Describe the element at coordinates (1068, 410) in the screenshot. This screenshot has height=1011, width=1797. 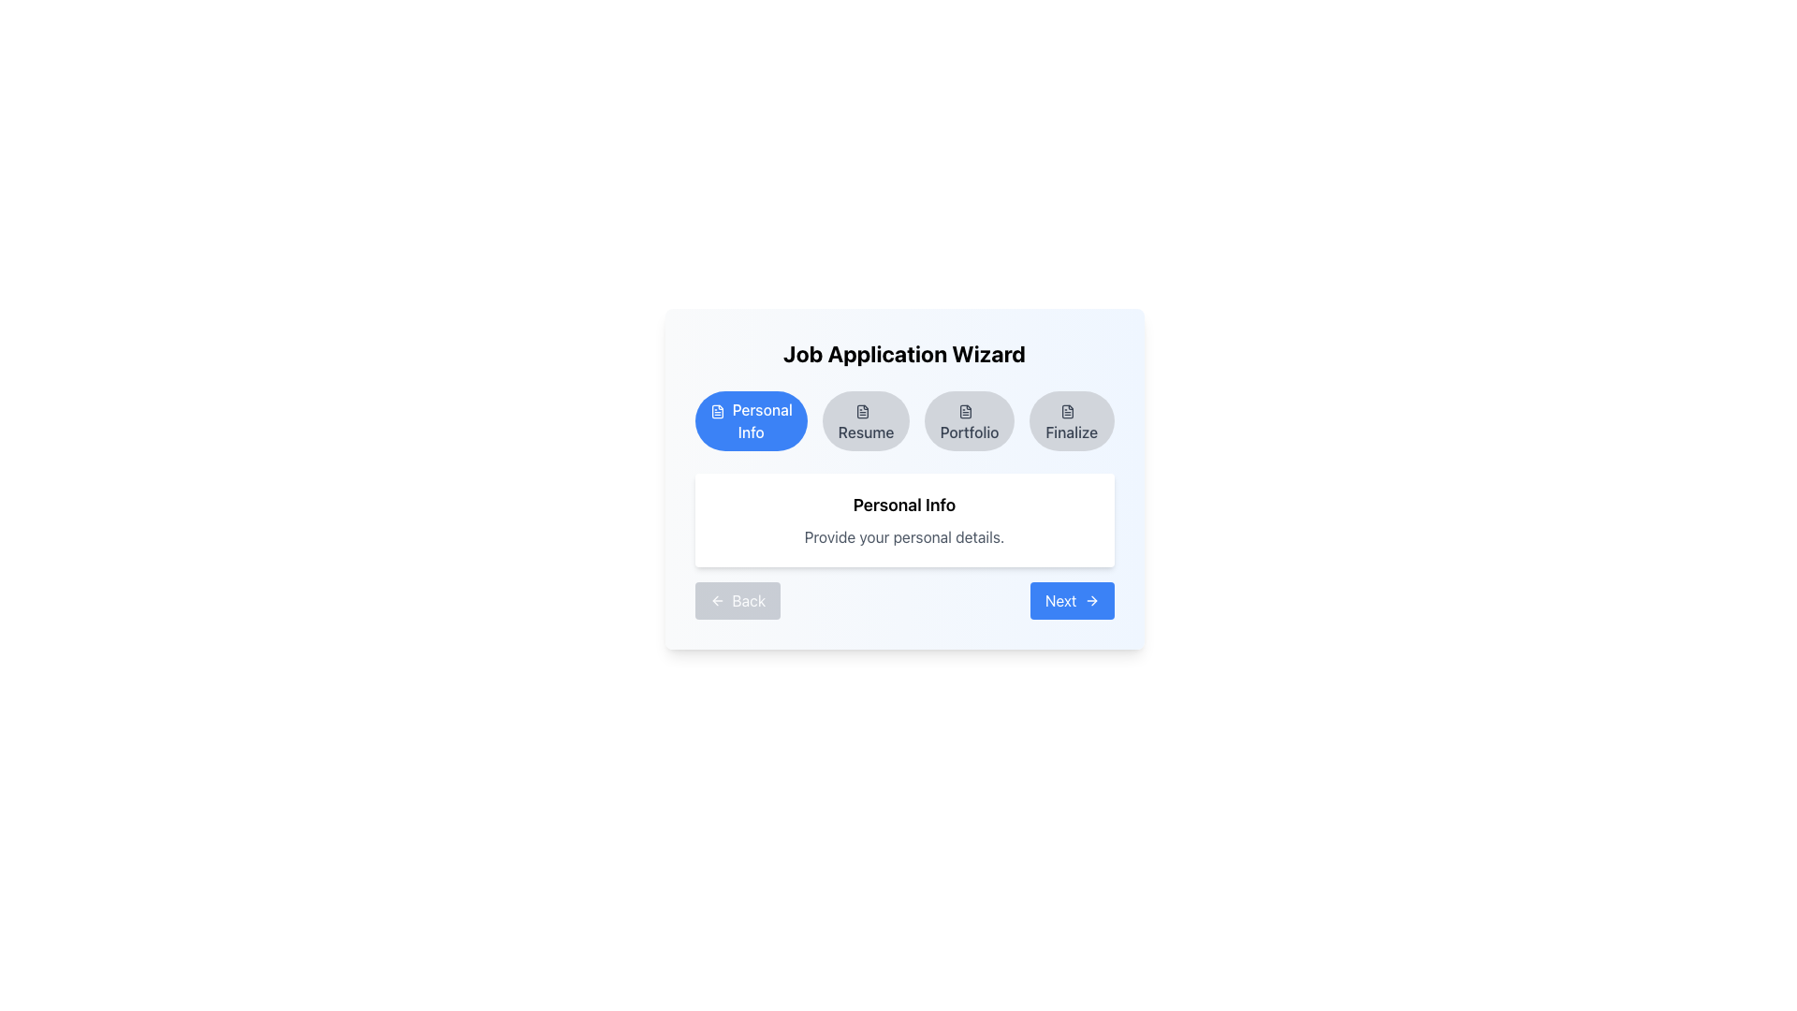
I see `the highlighted Decorative icon representing the 'Personal Info' section in the navigation steps of the wizard` at that location.